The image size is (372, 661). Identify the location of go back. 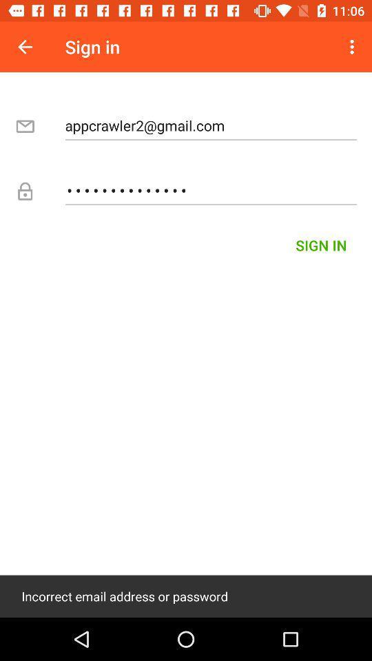
(25, 47).